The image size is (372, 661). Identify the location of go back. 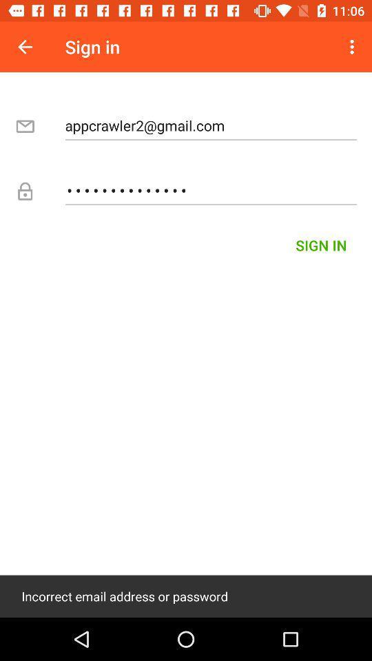
(25, 47).